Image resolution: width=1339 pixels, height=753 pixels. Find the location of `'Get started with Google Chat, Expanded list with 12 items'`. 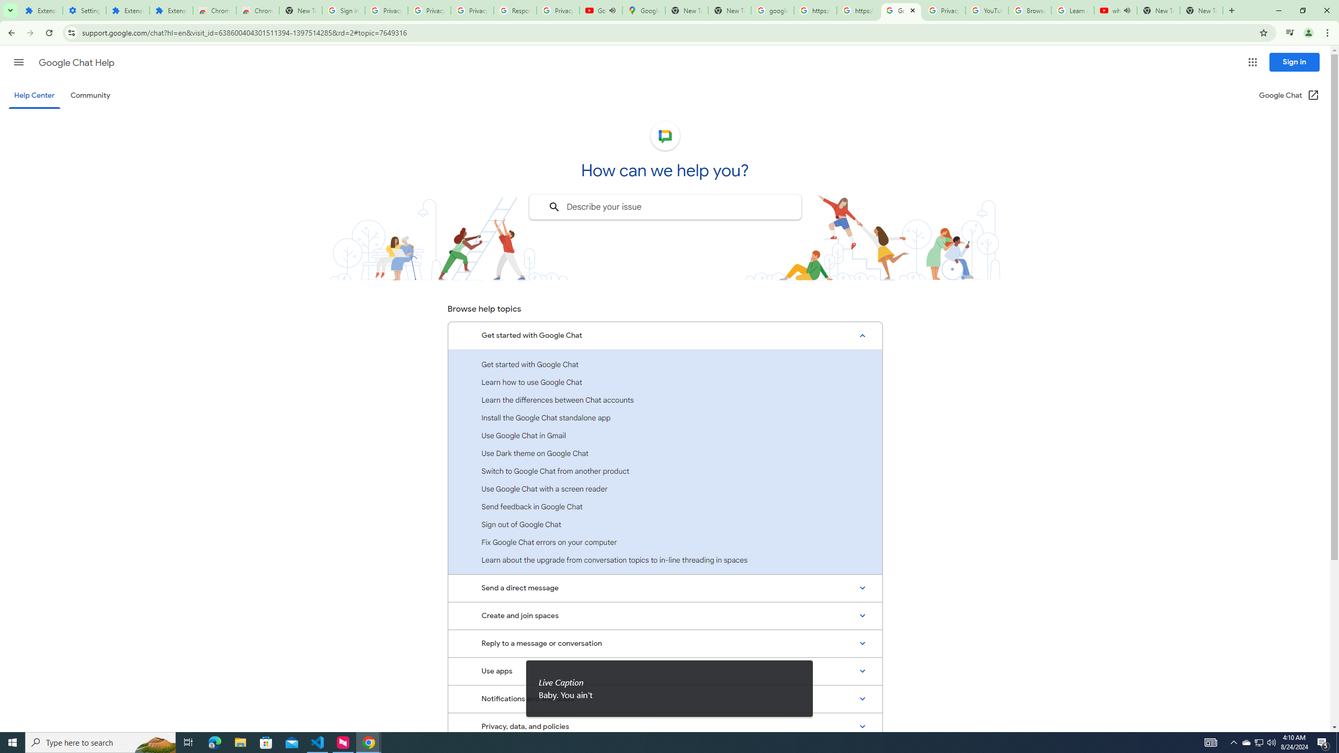

'Get started with Google Chat, Expanded list with 12 items' is located at coordinates (665, 336).